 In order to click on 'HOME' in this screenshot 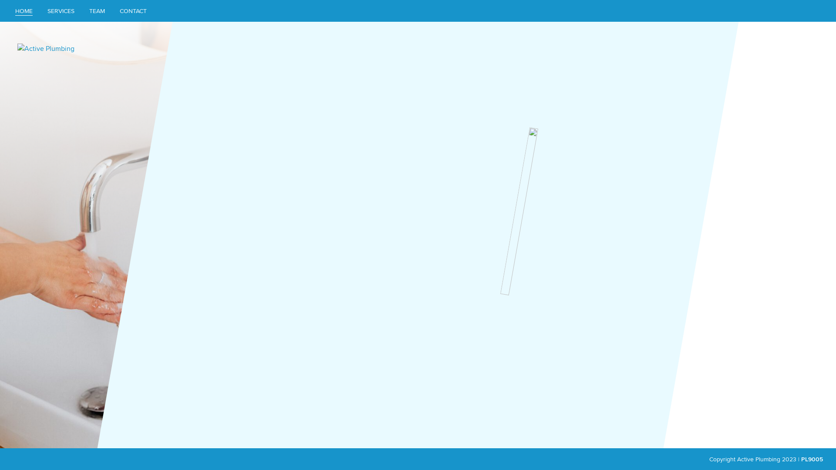, I will do `click(24, 10)`.